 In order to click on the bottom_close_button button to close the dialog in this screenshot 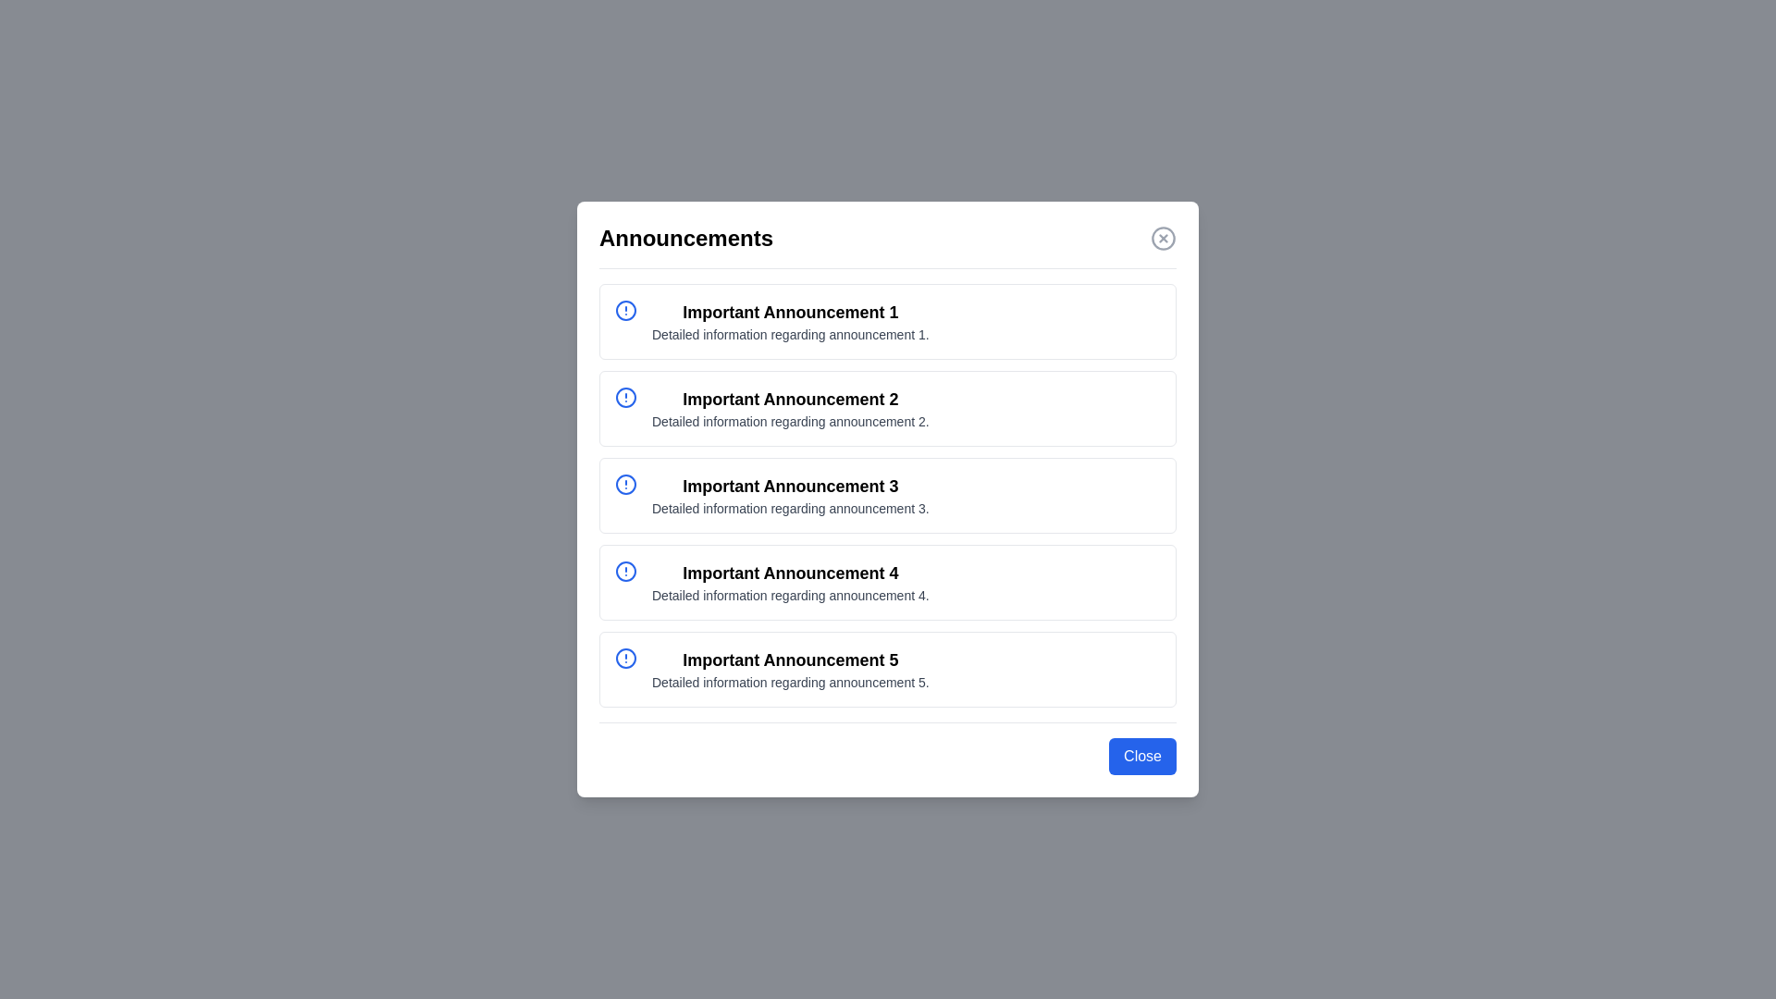, I will do `click(1141, 756)`.